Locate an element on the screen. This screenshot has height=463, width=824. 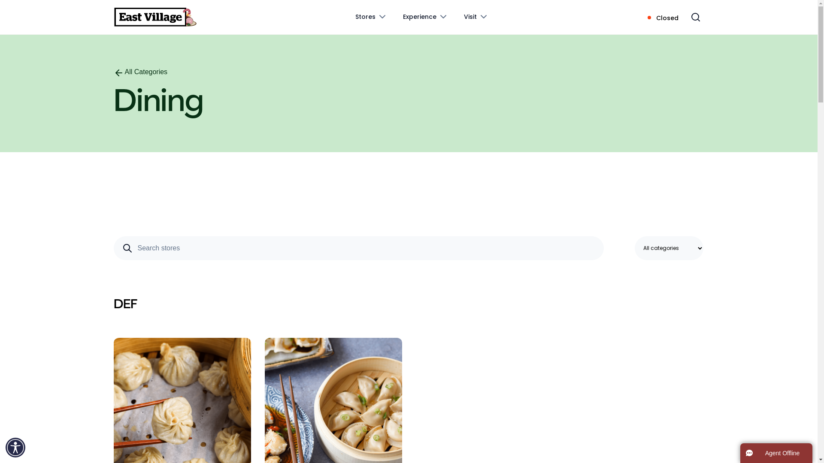
'All Categories' is located at coordinates (140, 72).